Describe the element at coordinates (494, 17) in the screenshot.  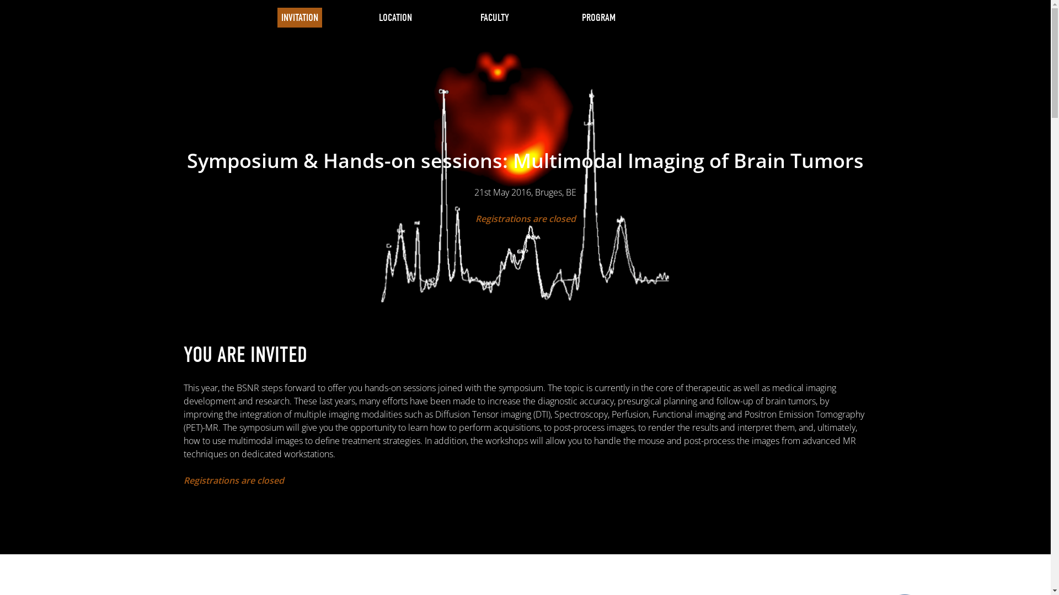
I see `'FACULTY'` at that location.